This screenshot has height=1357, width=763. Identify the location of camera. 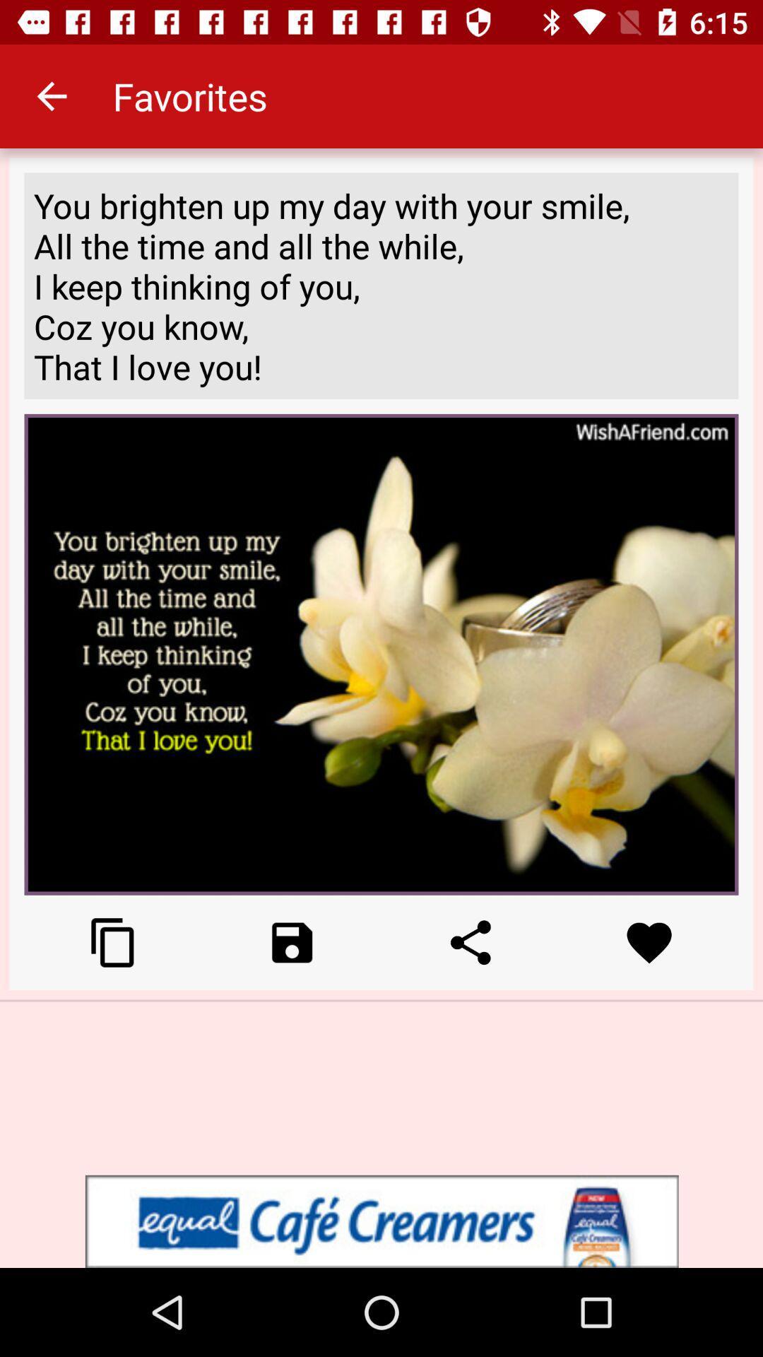
(291, 942).